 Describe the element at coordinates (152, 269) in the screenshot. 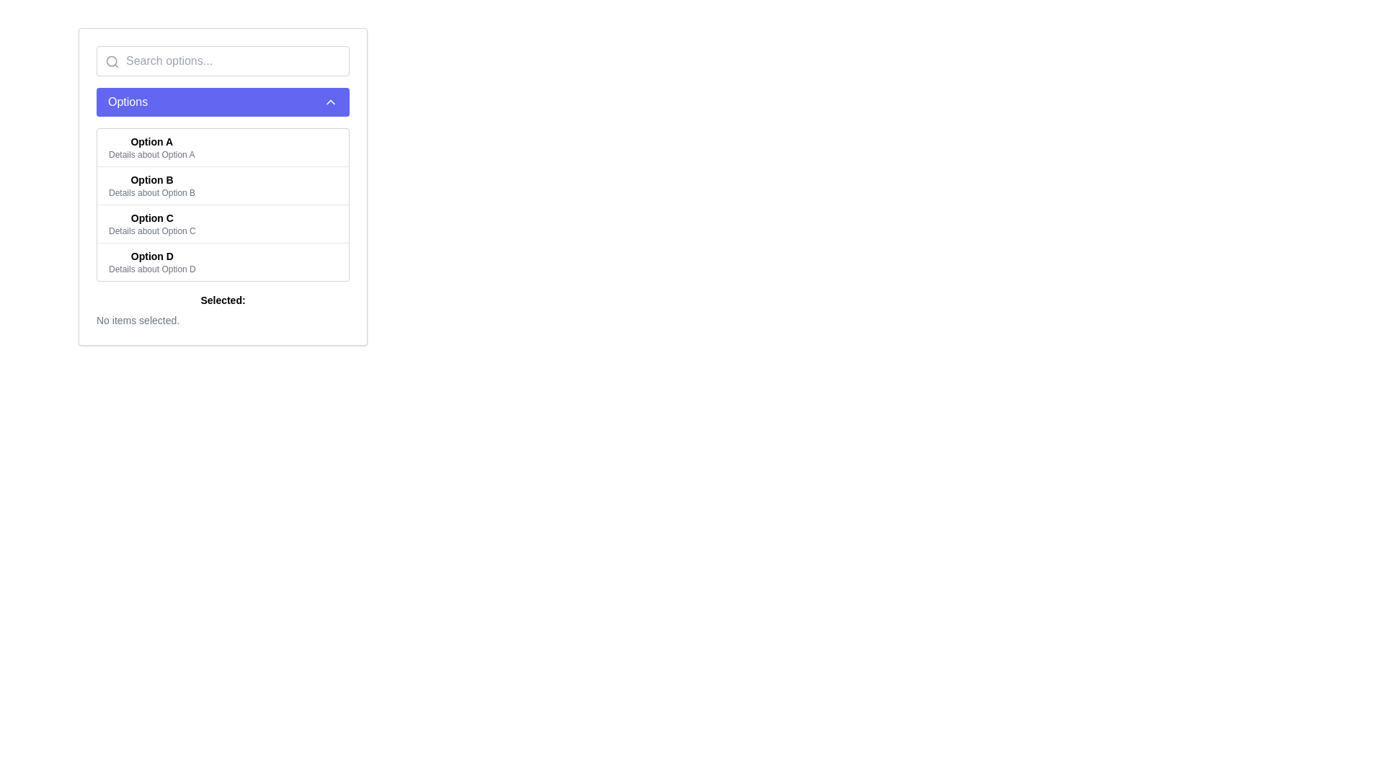

I see `the text label displaying 'Details about Option D', which is located beneath the bold title 'Option D' in the options list` at that location.